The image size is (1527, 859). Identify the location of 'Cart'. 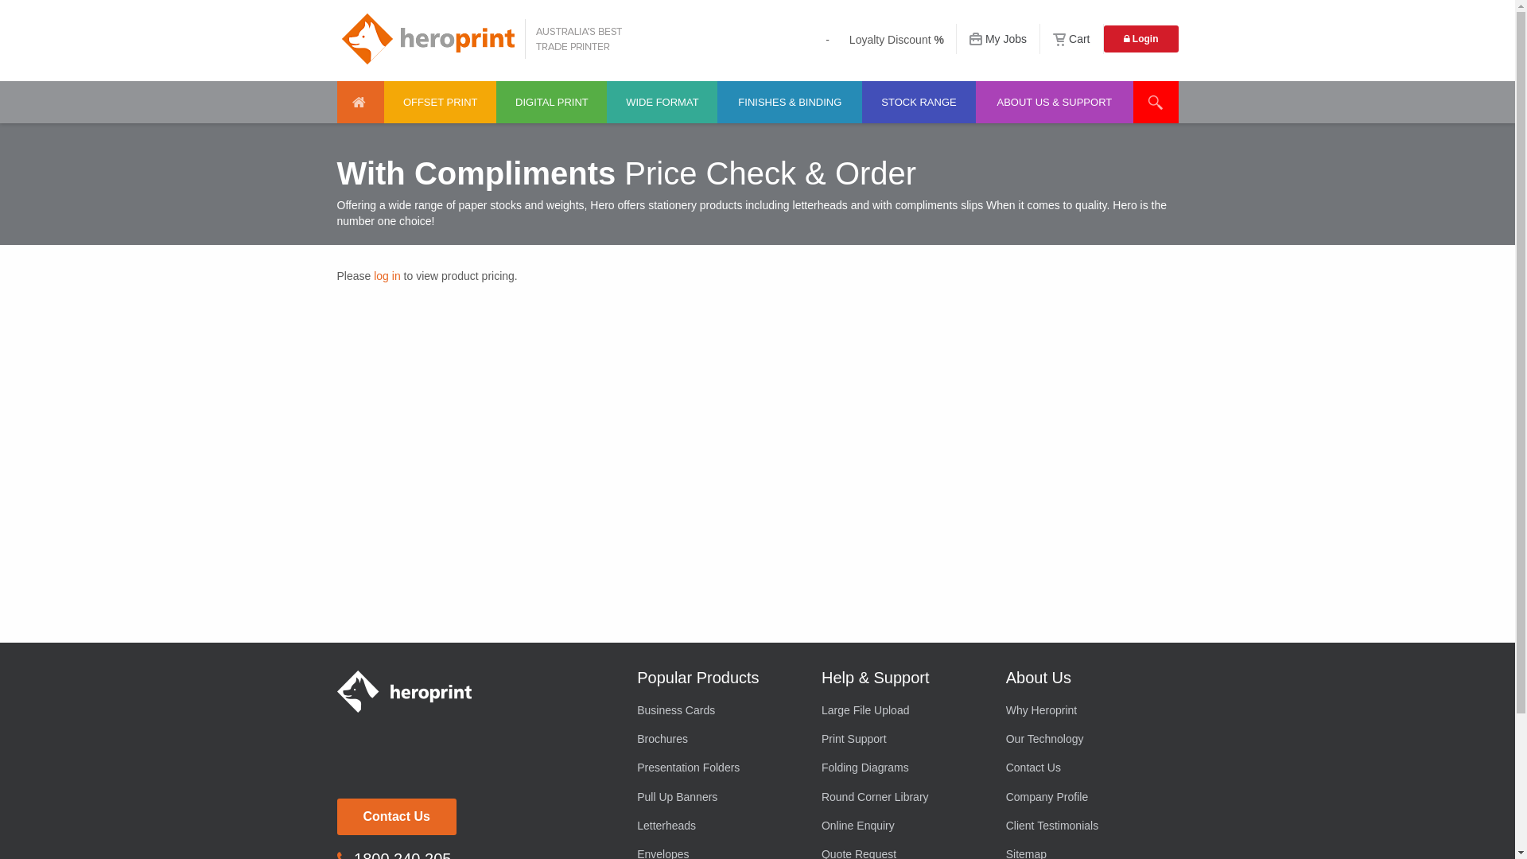
(1071, 38).